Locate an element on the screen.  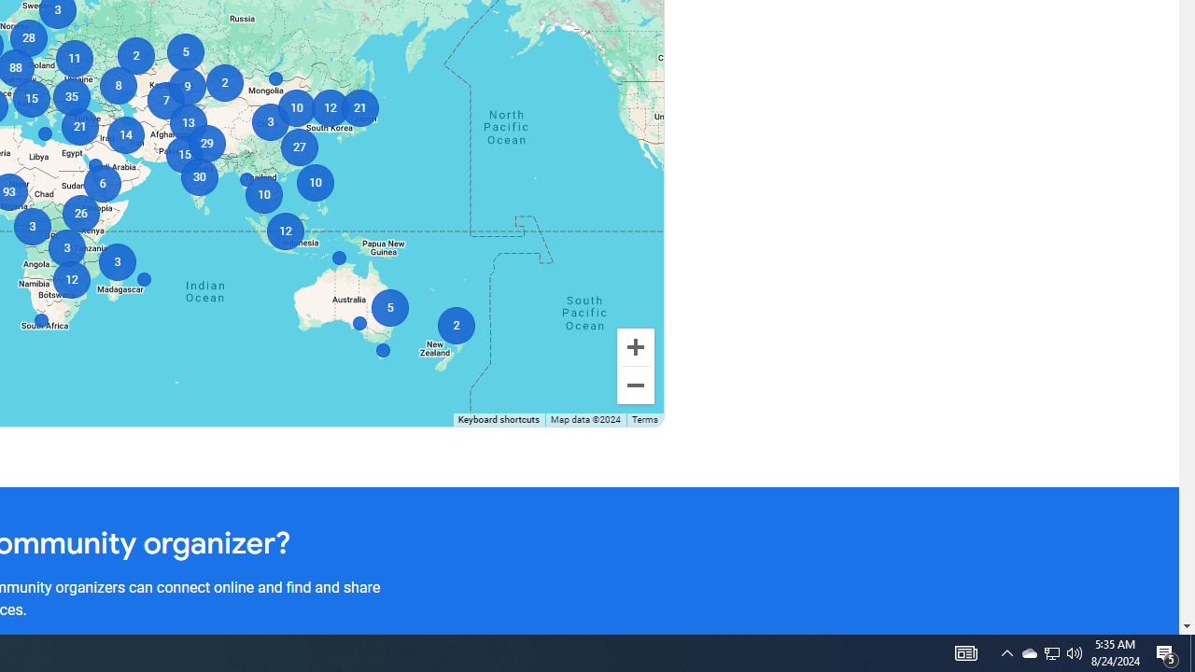
'3' is located at coordinates (32, 226).